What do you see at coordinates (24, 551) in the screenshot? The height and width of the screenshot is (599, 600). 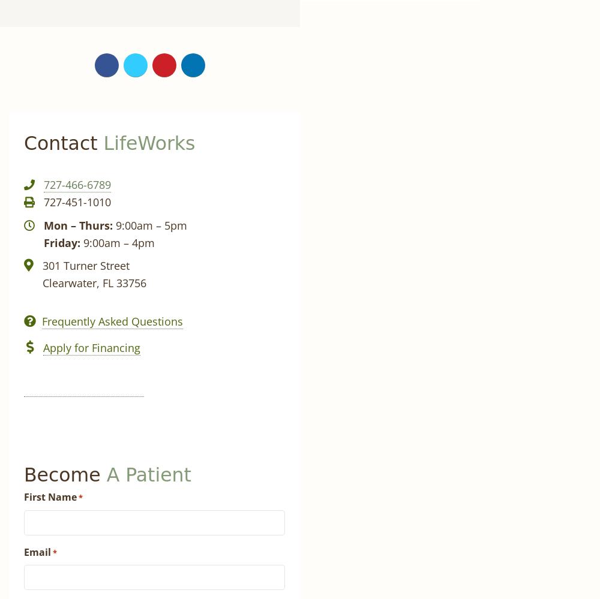 I see `'Email'` at bounding box center [24, 551].